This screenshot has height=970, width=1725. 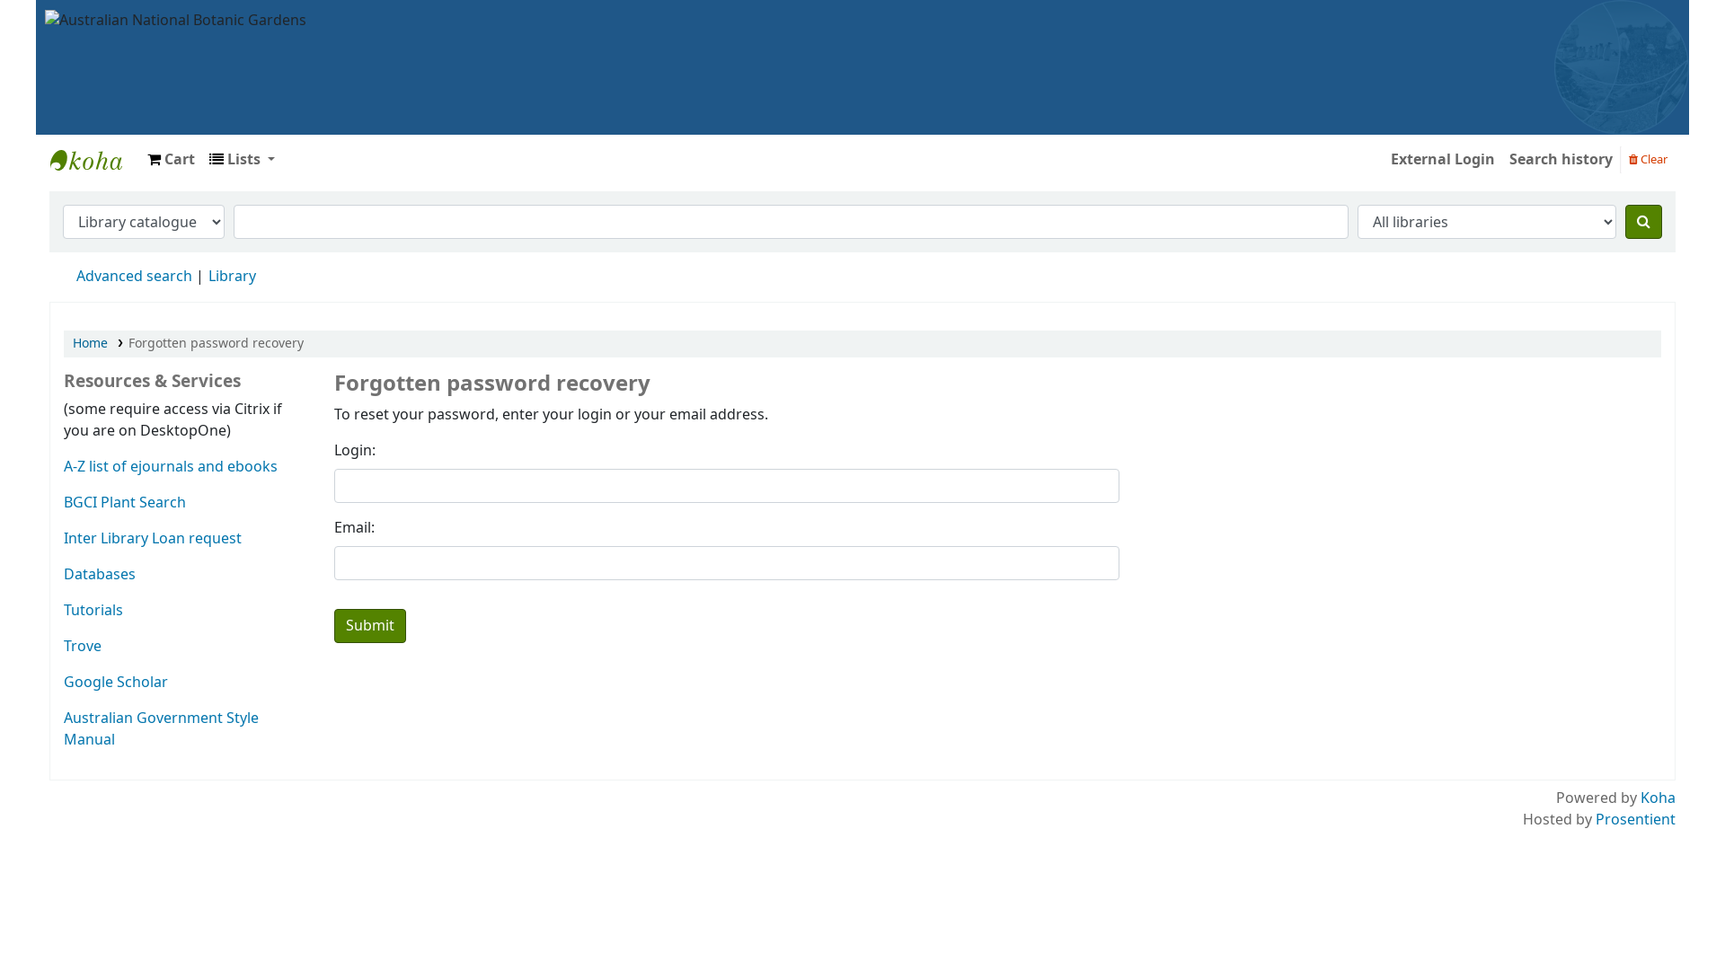 I want to click on 'Forgotten password recovery', so click(x=216, y=343).